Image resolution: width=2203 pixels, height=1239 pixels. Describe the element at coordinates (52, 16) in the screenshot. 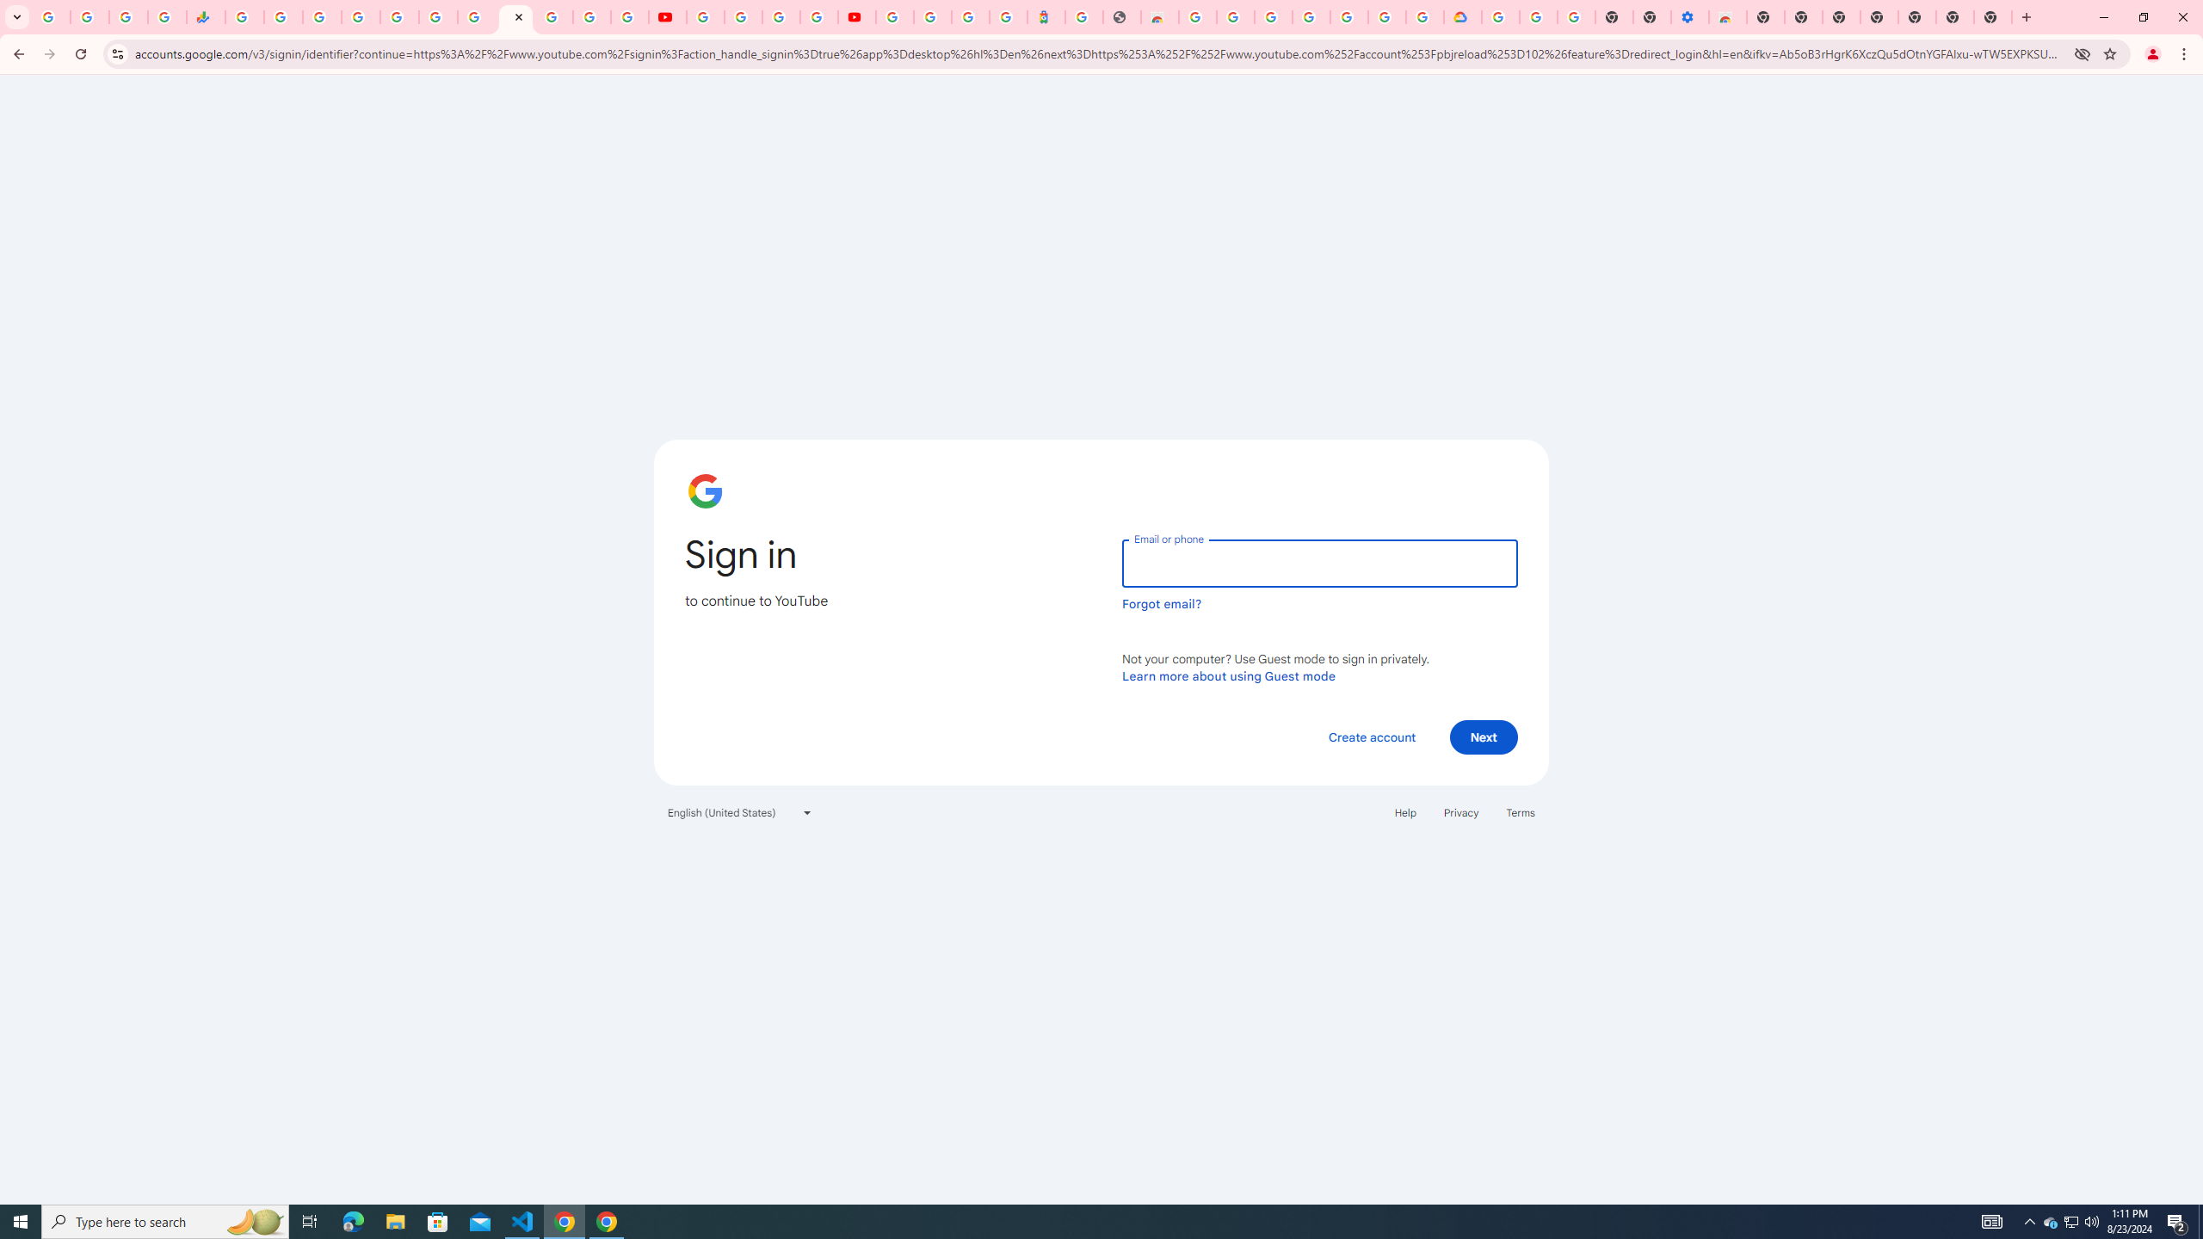

I see `'Google Workspace Admin Community'` at that location.